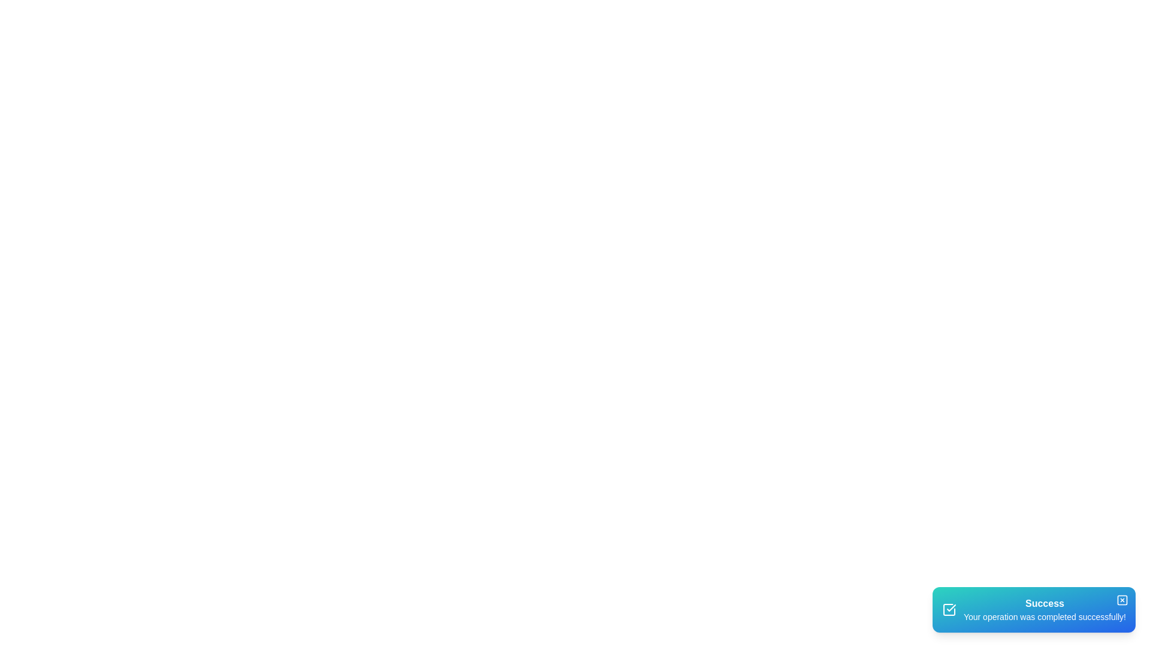 Image resolution: width=1150 pixels, height=647 pixels. What do you see at coordinates (948, 610) in the screenshot?
I see `the success icon in the snackbar to interpret its meaning` at bounding box center [948, 610].